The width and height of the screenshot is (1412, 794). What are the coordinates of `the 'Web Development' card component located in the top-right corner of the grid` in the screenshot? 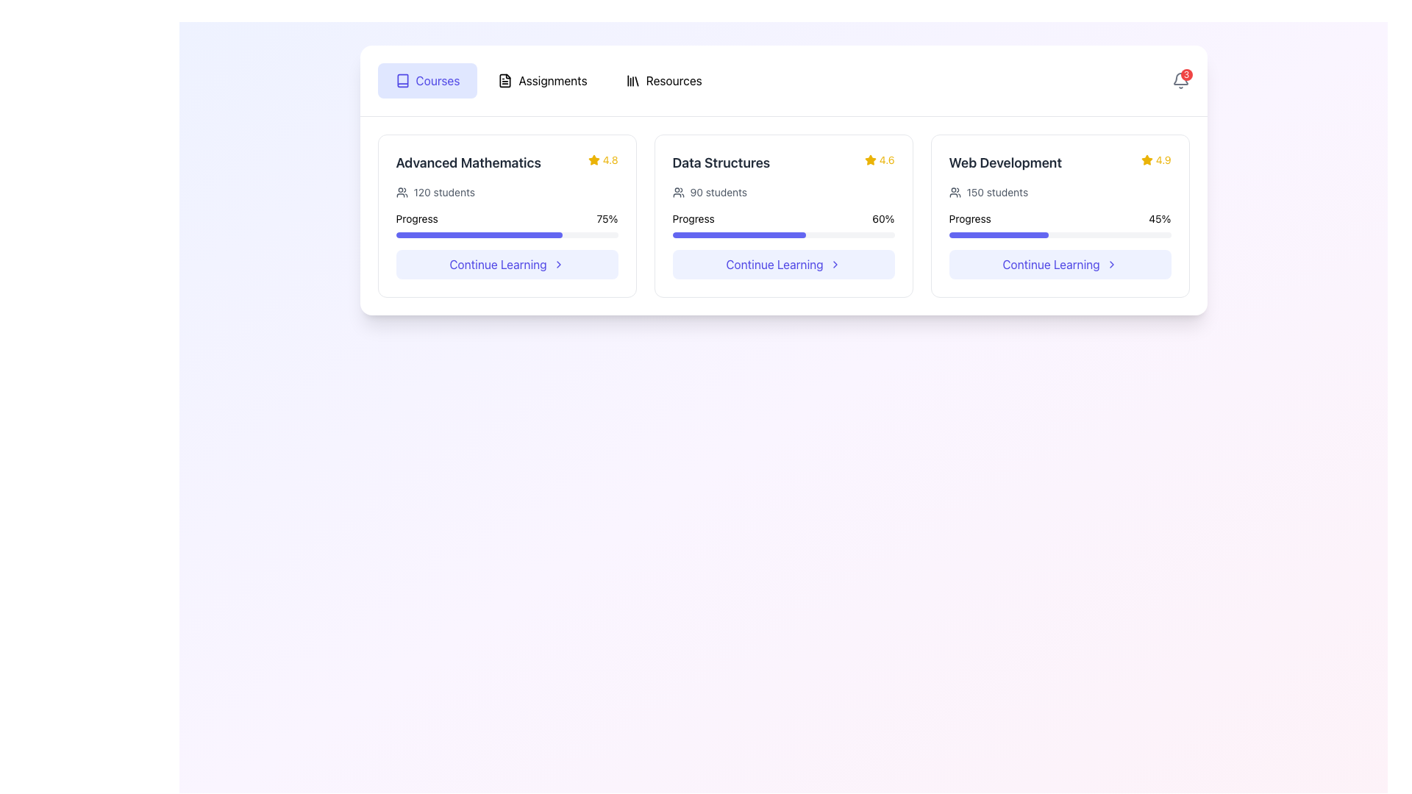 It's located at (1060, 215).